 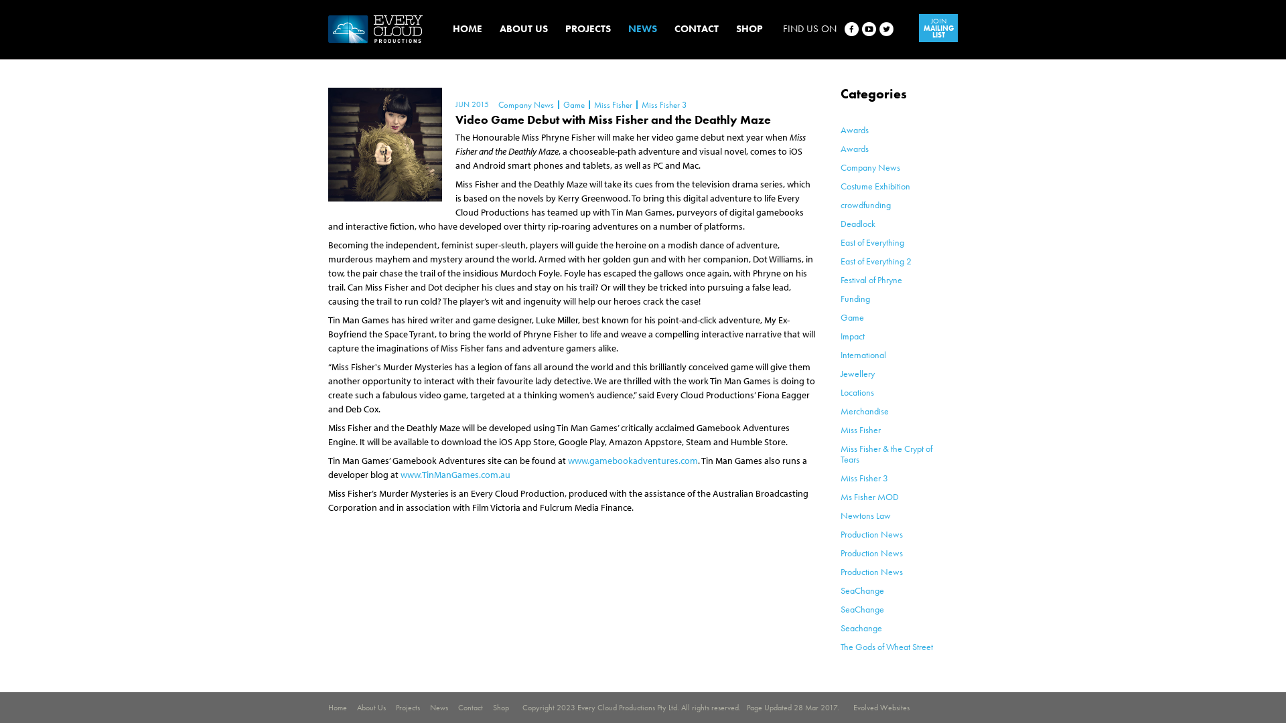 What do you see at coordinates (858, 223) in the screenshot?
I see `'Deadlock'` at bounding box center [858, 223].